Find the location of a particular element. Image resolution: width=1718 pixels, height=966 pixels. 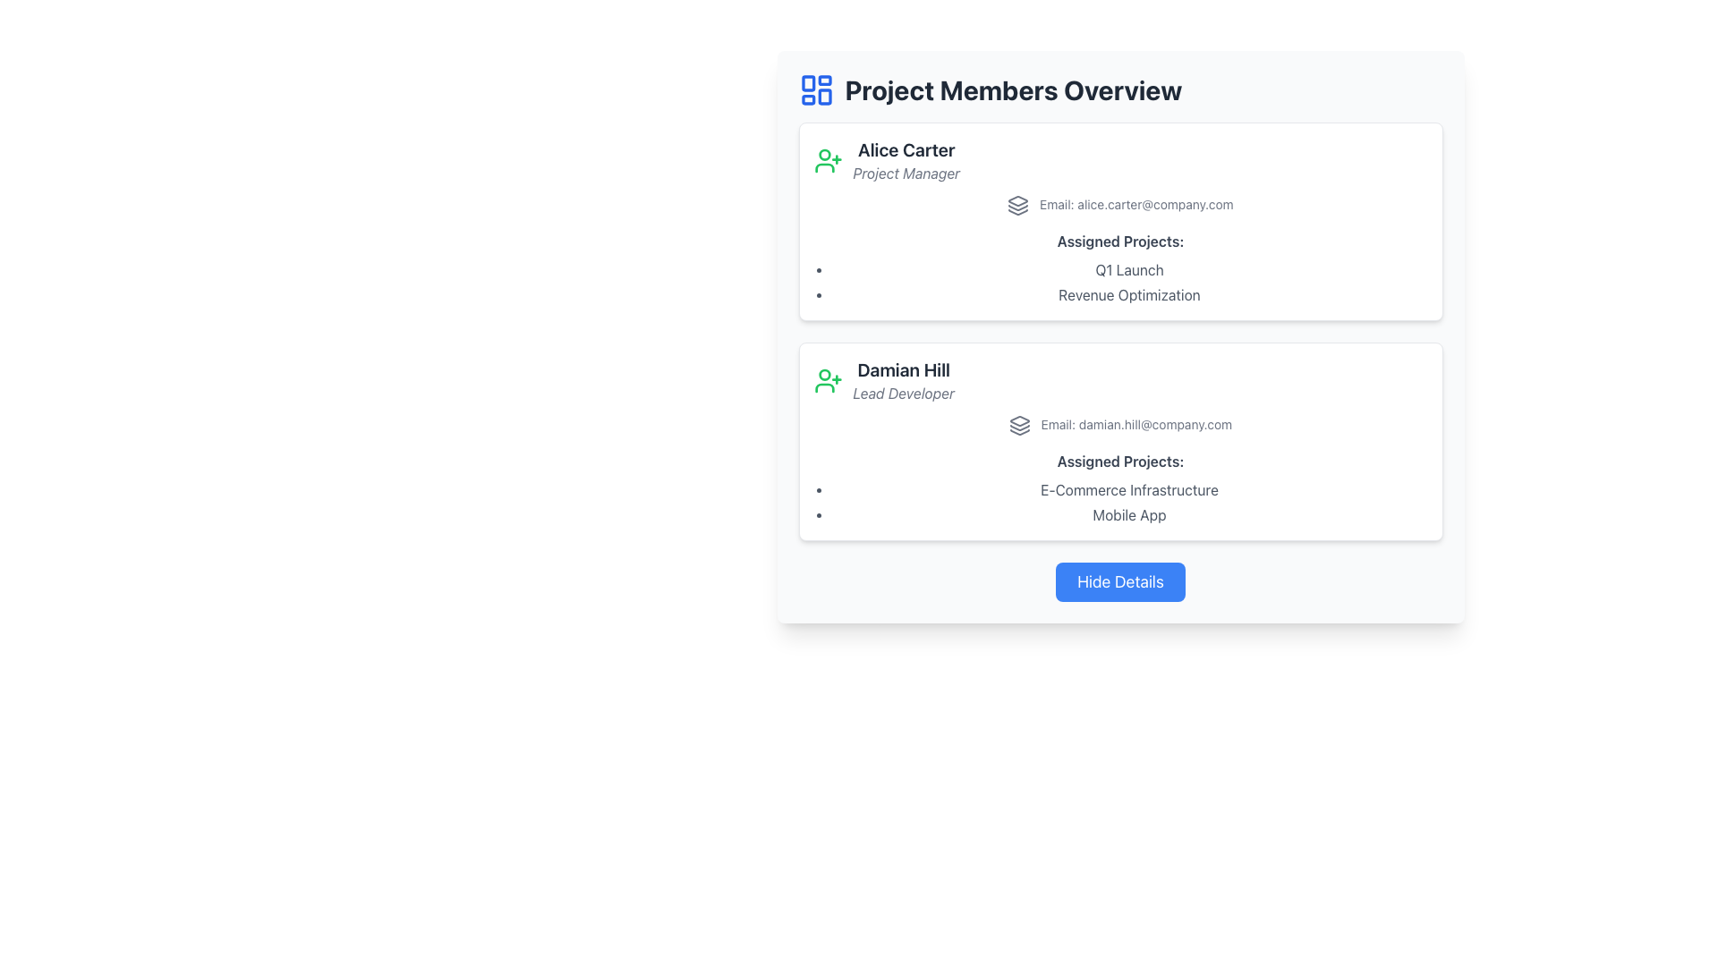

the text label 'Revenue Optimization' located under the 'Assigned Projects' section for user 'Alice Carter', directly below 'Q1 Launch' is located at coordinates (1128, 294).